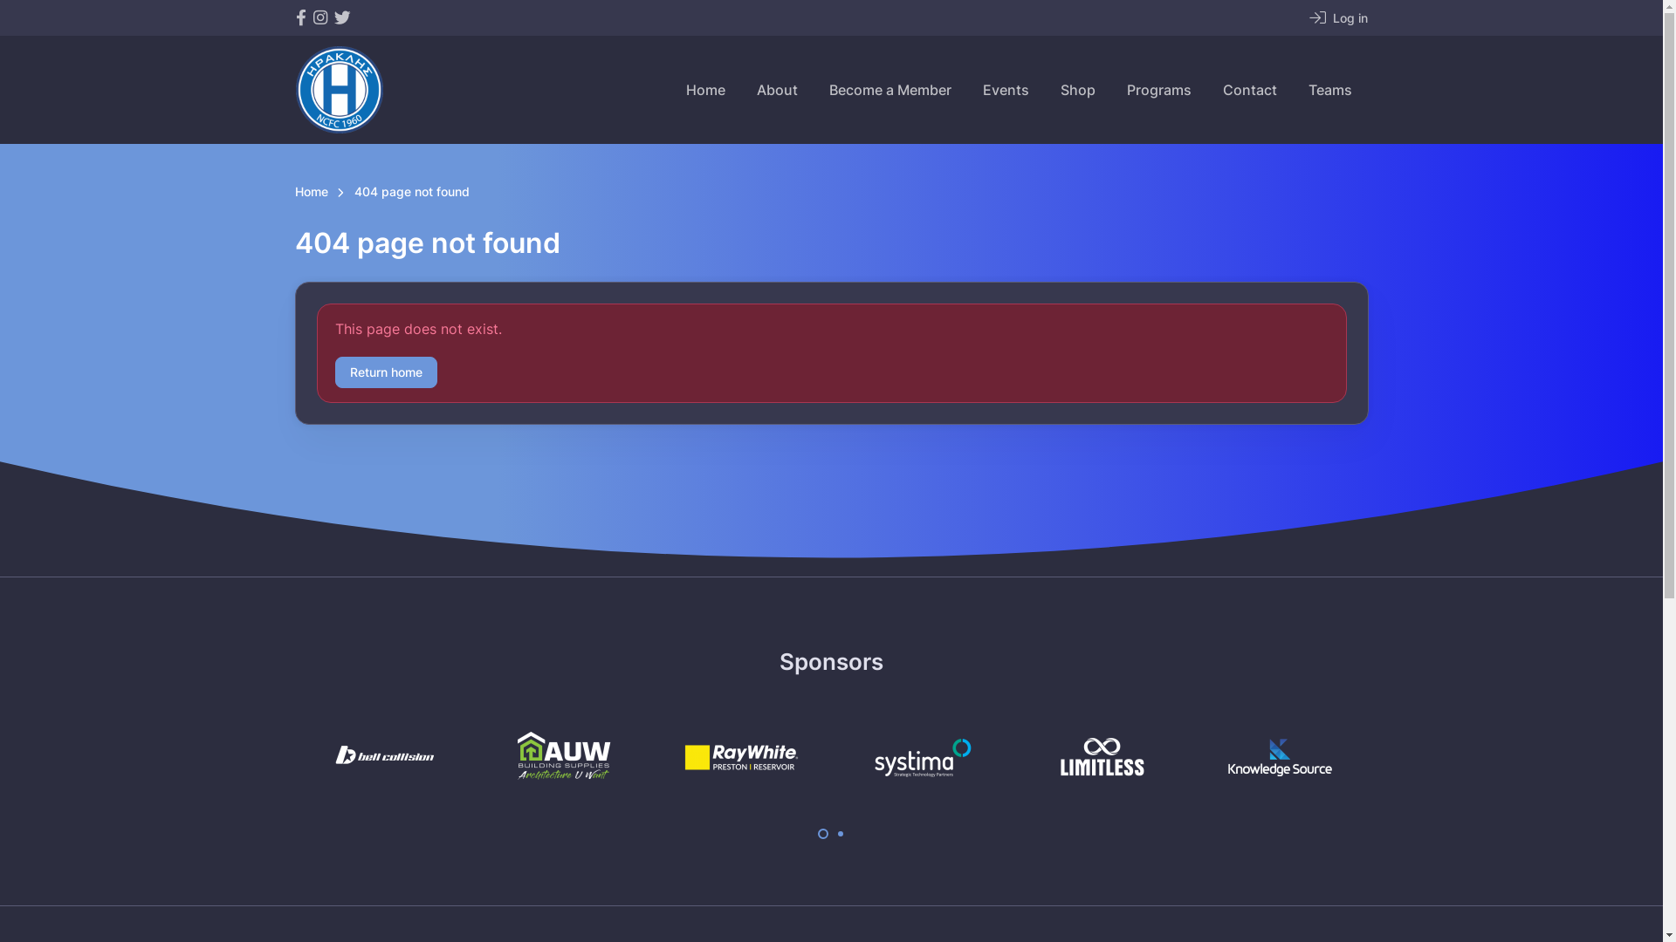 The height and width of the screenshot is (942, 1676). Describe the element at coordinates (300, 17) in the screenshot. I see `'Northcote City Football Club on Facebook'` at that location.